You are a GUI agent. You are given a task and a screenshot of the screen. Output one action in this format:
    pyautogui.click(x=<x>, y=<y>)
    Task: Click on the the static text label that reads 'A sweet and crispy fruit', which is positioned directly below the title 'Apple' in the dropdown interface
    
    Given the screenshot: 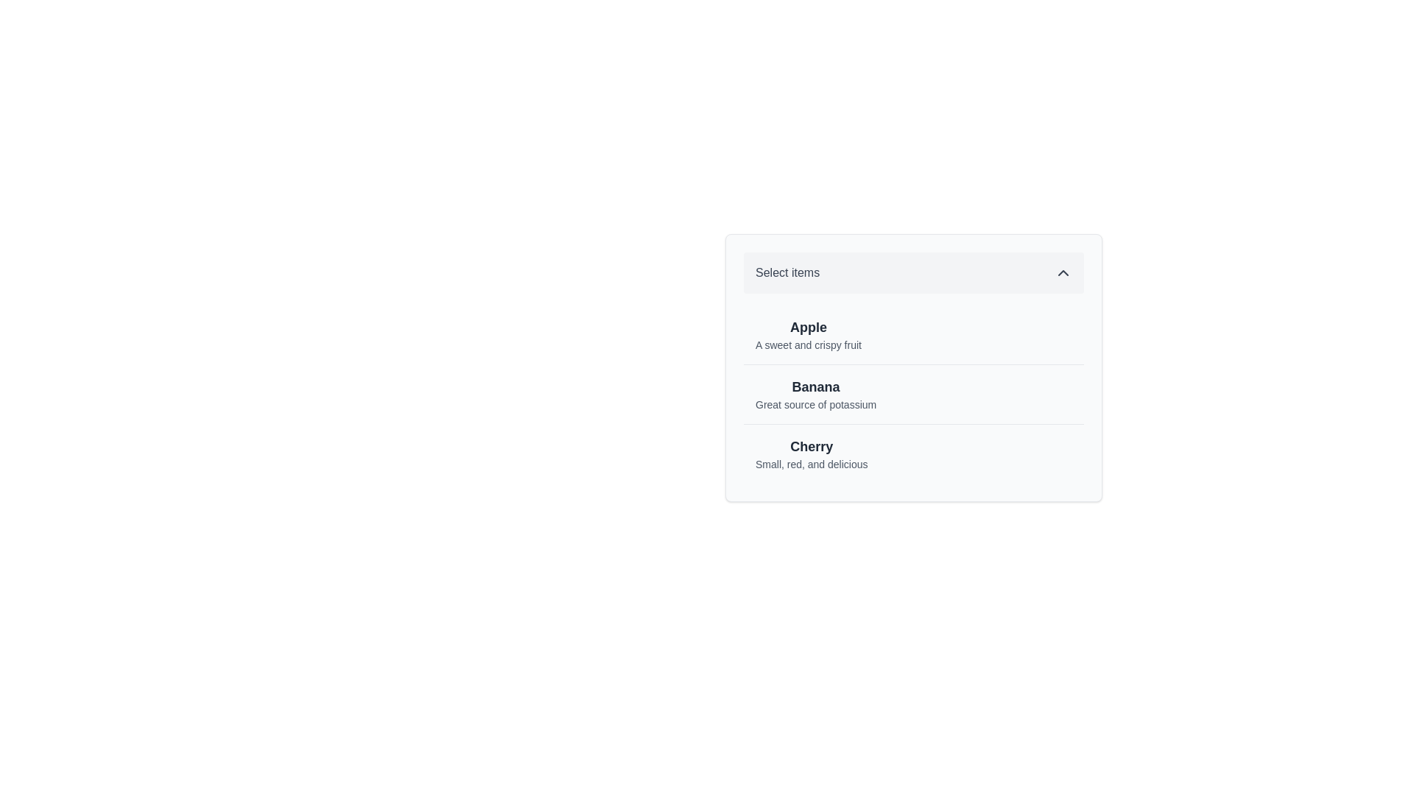 What is the action you would take?
    pyautogui.click(x=808, y=345)
    